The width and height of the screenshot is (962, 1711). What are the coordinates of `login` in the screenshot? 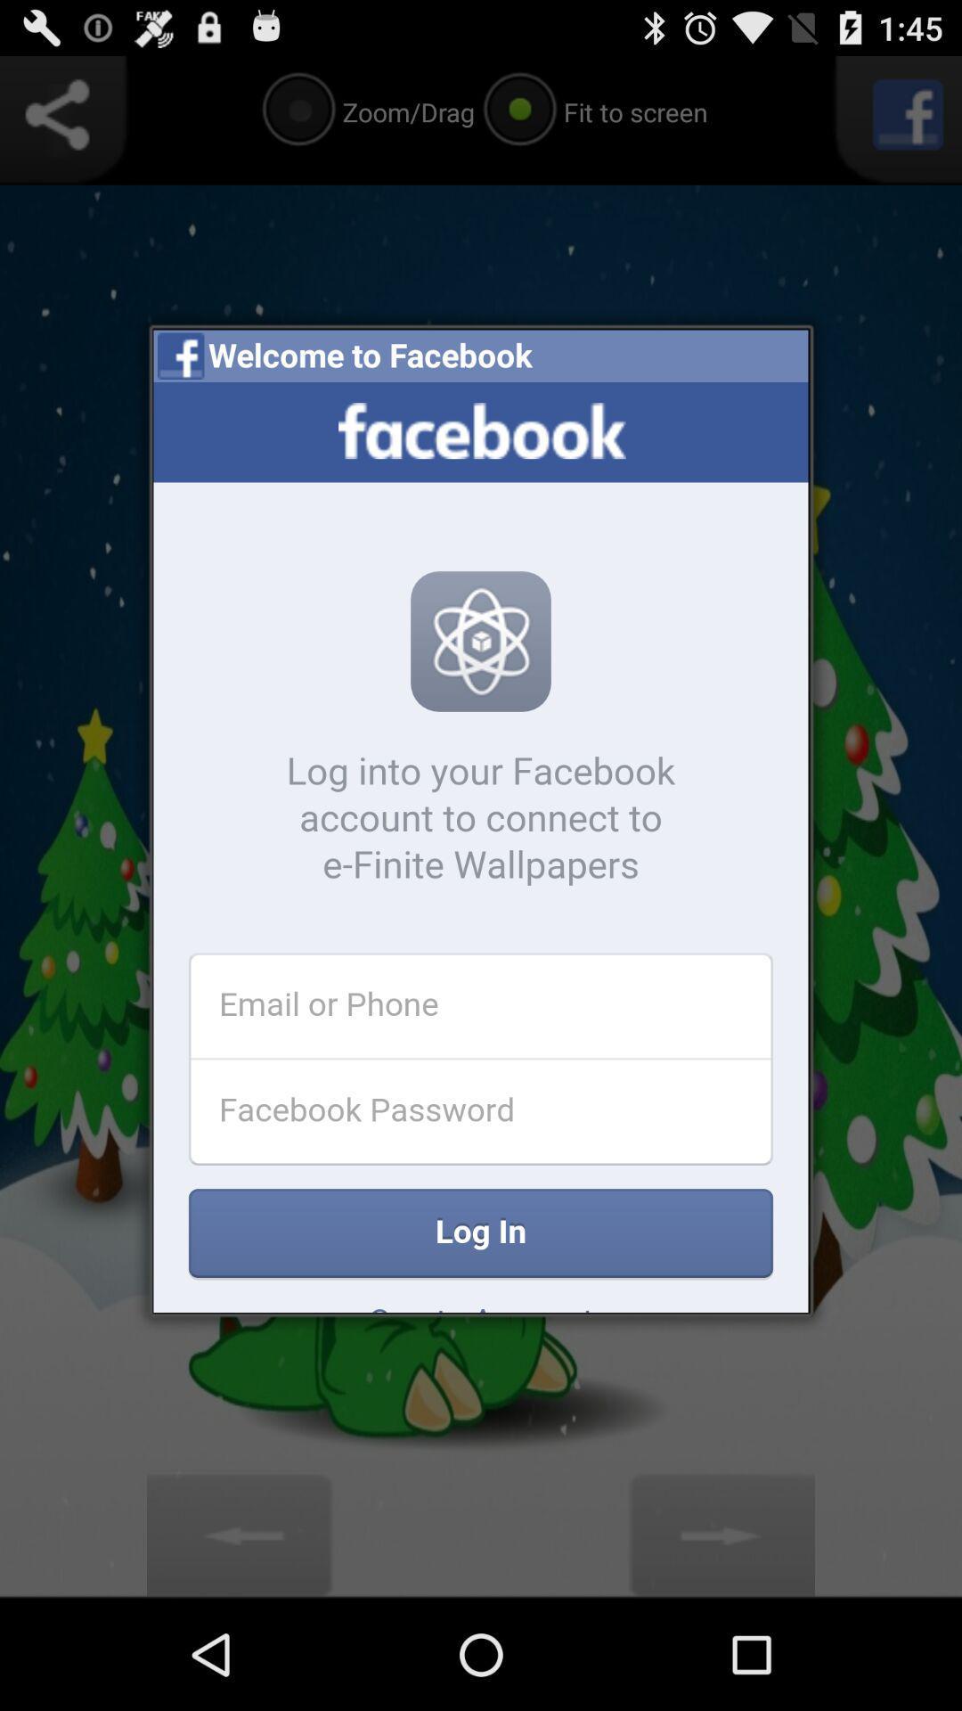 It's located at (481, 846).